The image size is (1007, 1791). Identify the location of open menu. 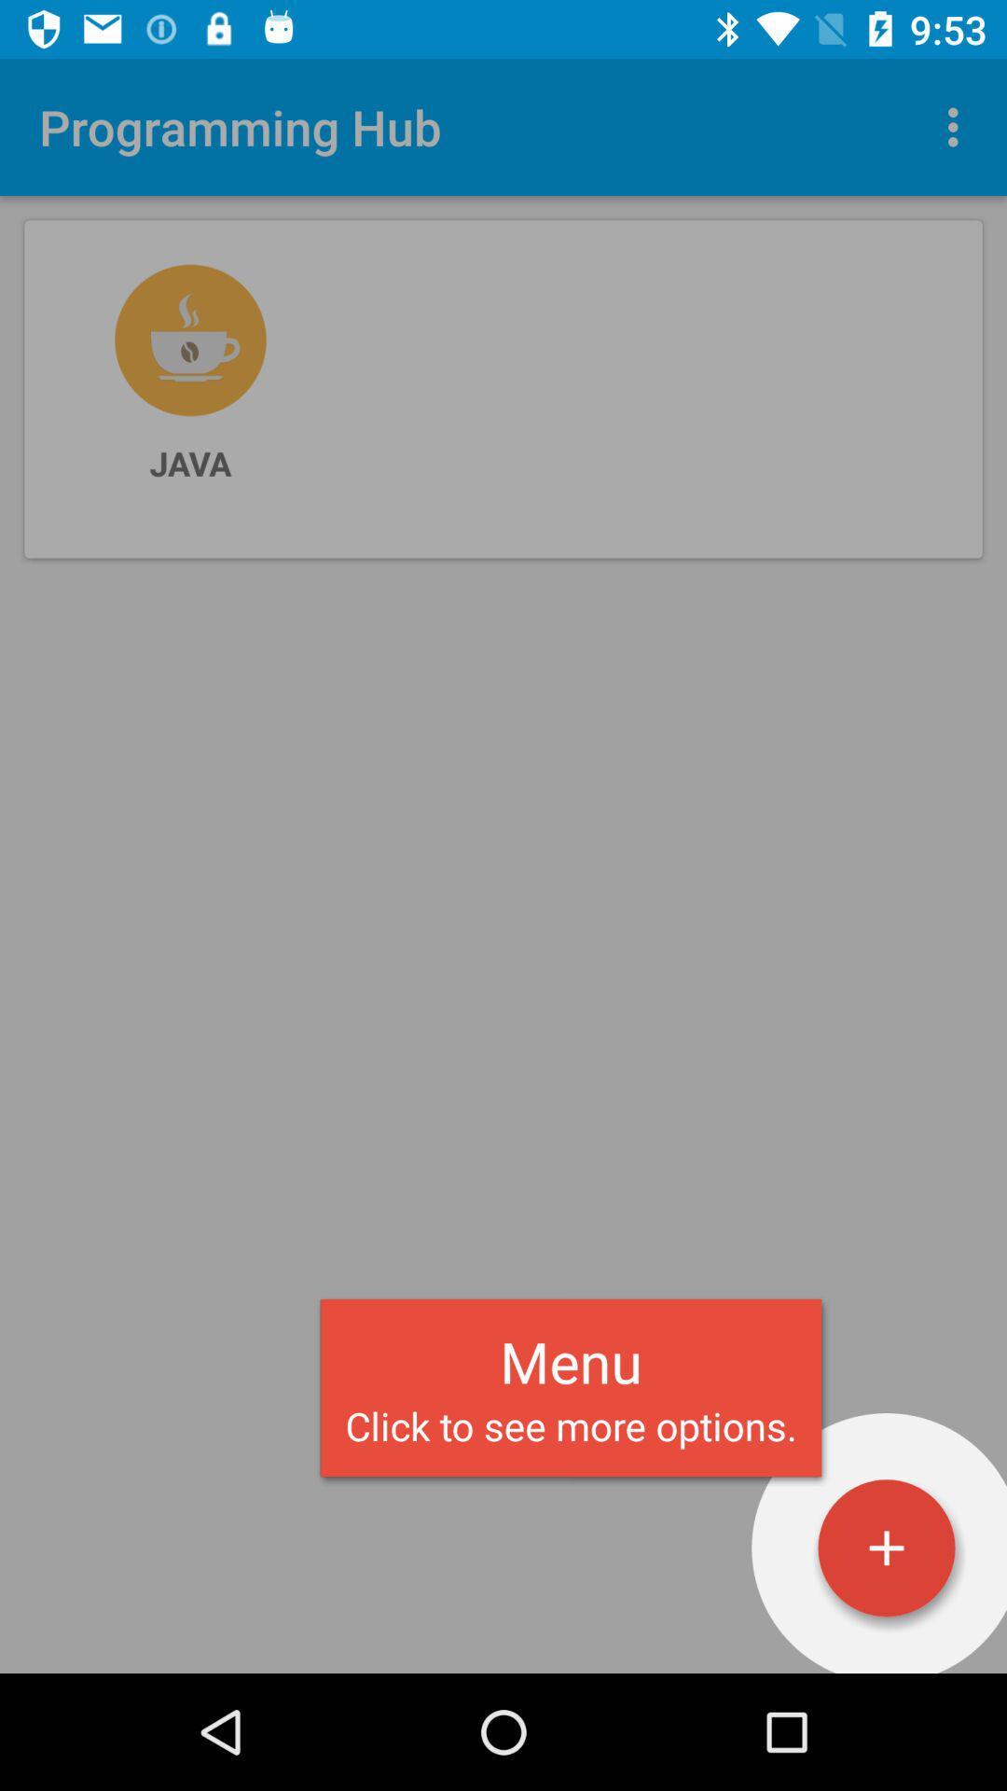
(886, 1548).